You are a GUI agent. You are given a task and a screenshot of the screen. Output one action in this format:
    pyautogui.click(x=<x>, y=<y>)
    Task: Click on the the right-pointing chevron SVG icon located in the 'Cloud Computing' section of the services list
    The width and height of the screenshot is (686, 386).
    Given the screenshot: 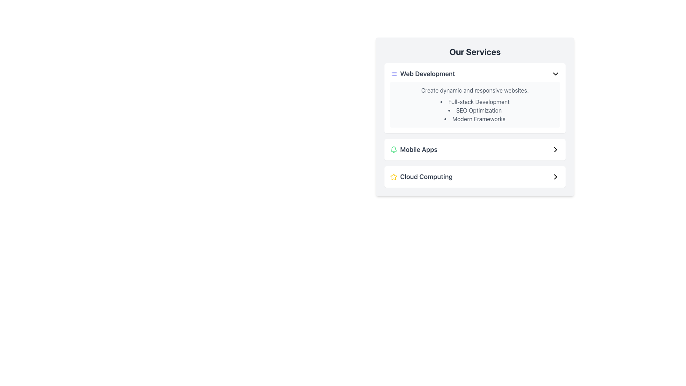 What is the action you would take?
    pyautogui.click(x=555, y=177)
    